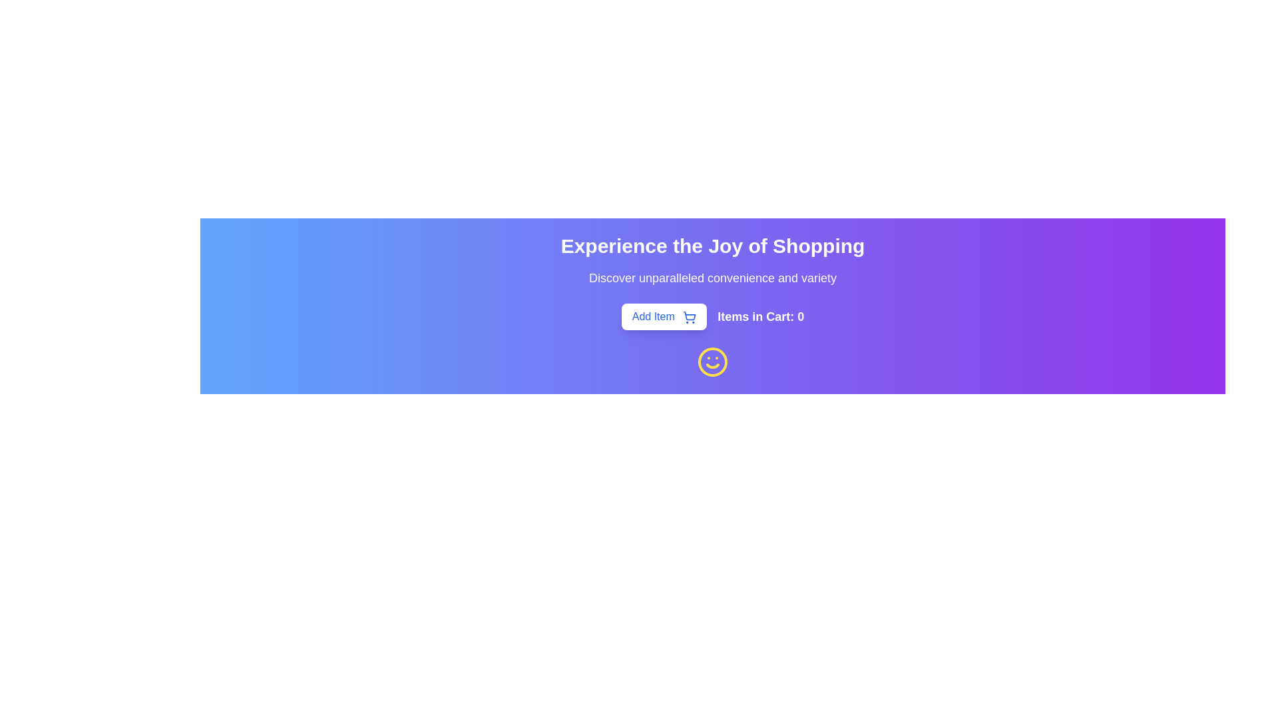  I want to click on the shopping cart icon located to the right of the 'Add Item' button, which has a white background and rounded corners, so click(690, 317).